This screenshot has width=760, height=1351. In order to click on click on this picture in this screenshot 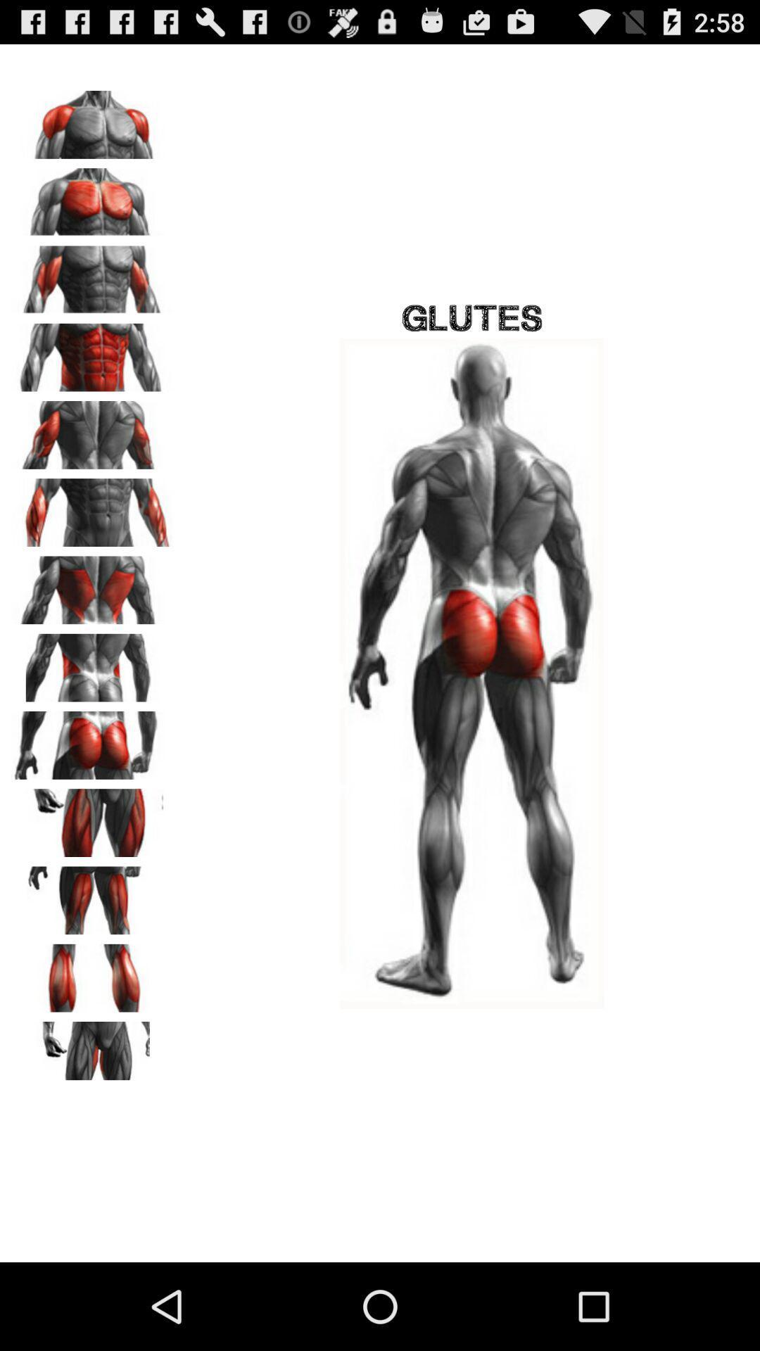, I will do `click(92, 429)`.